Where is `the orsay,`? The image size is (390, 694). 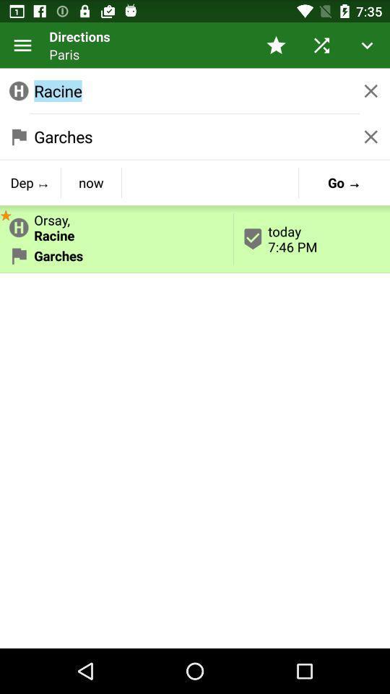 the orsay, is located at coordinates (116, 225).